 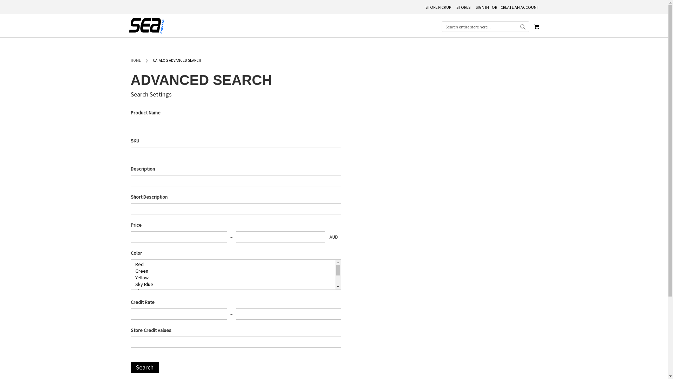 What do you see at coordinates (425, 7) in the screenshot?
I see `'STORE PICKUP'` at bounding box center [425, 7].